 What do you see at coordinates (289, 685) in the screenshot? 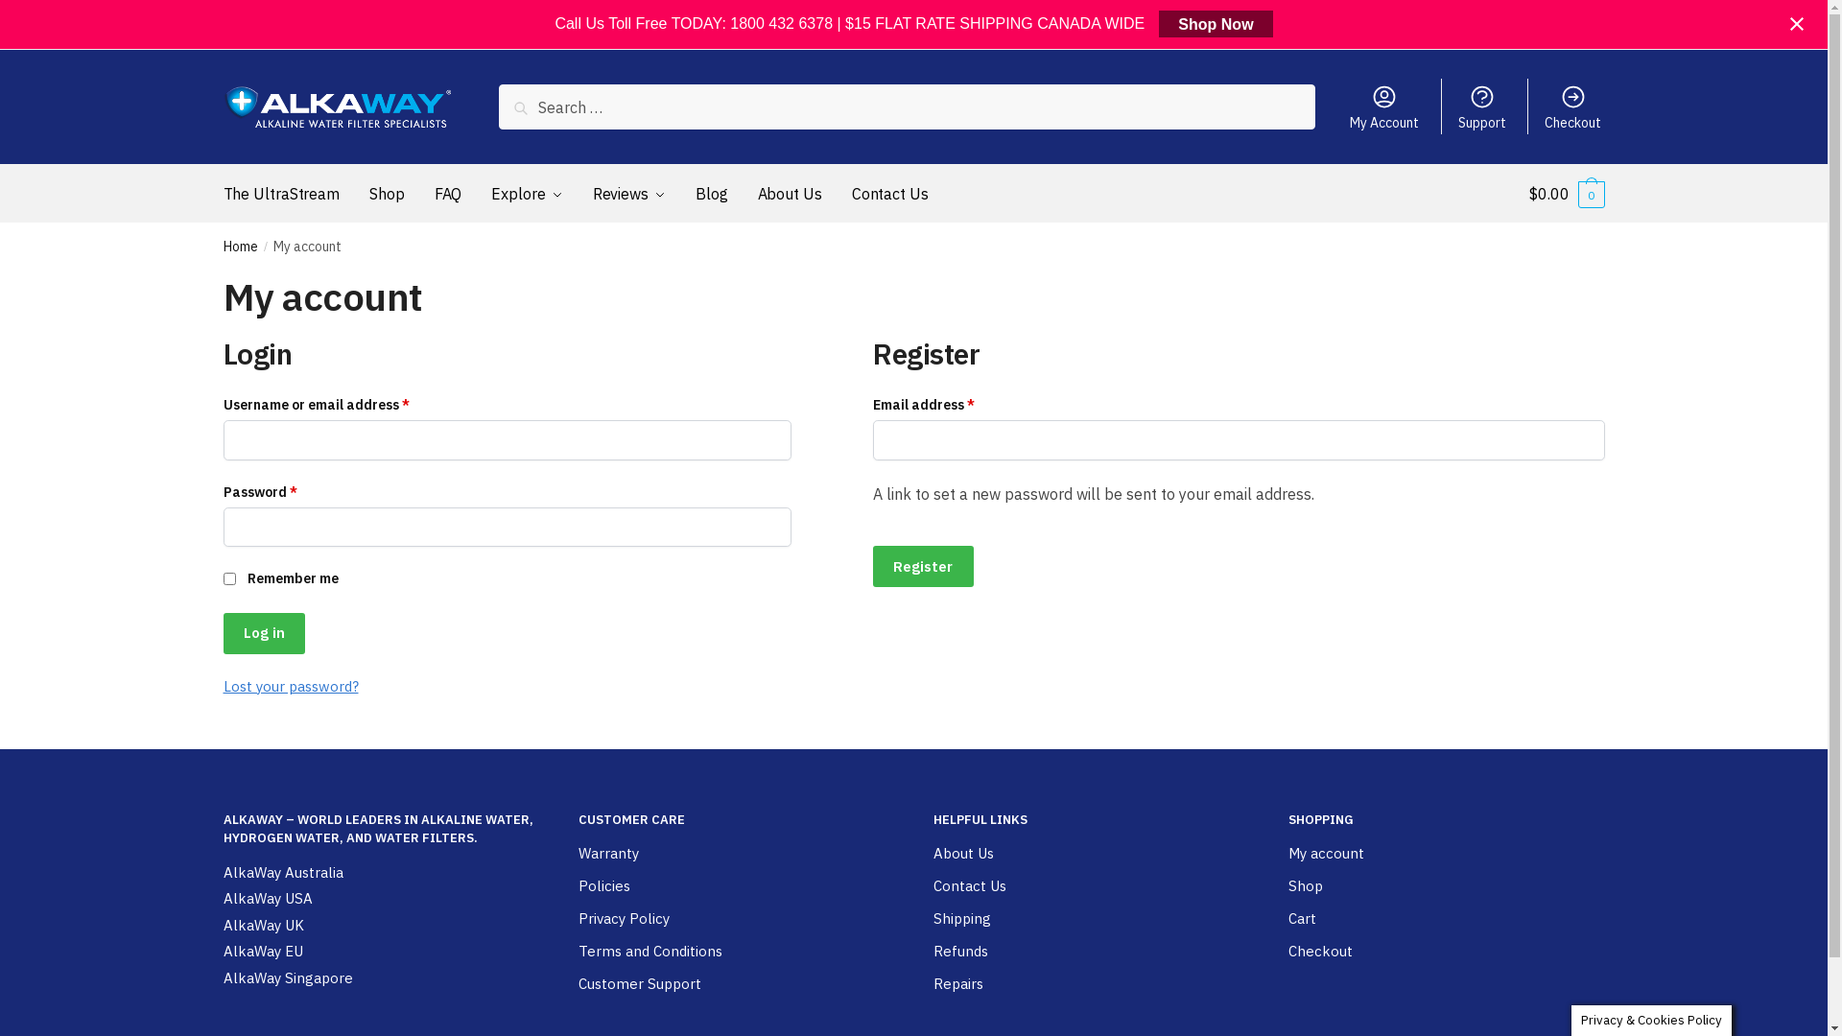
I see `'Lost your password?'` at bounding box center [289, 685].